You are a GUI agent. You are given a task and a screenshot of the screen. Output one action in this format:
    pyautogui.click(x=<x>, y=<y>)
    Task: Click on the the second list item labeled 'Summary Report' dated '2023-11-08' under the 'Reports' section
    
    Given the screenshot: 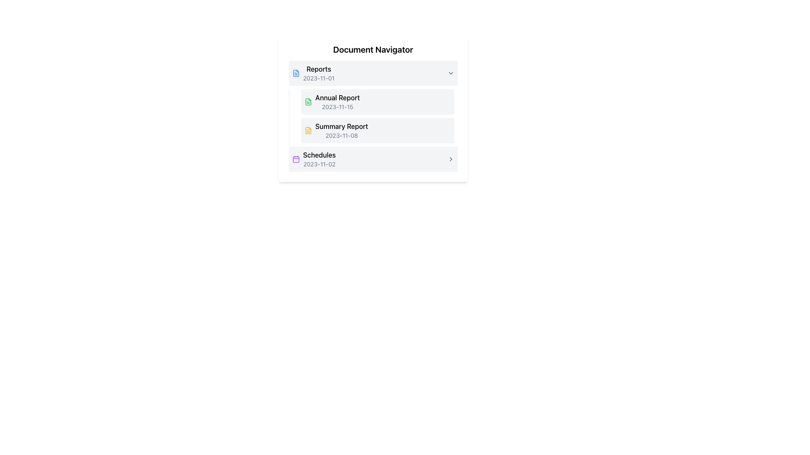 What is the action you would take?
    pyautogui.click(x=341, y=130)
    